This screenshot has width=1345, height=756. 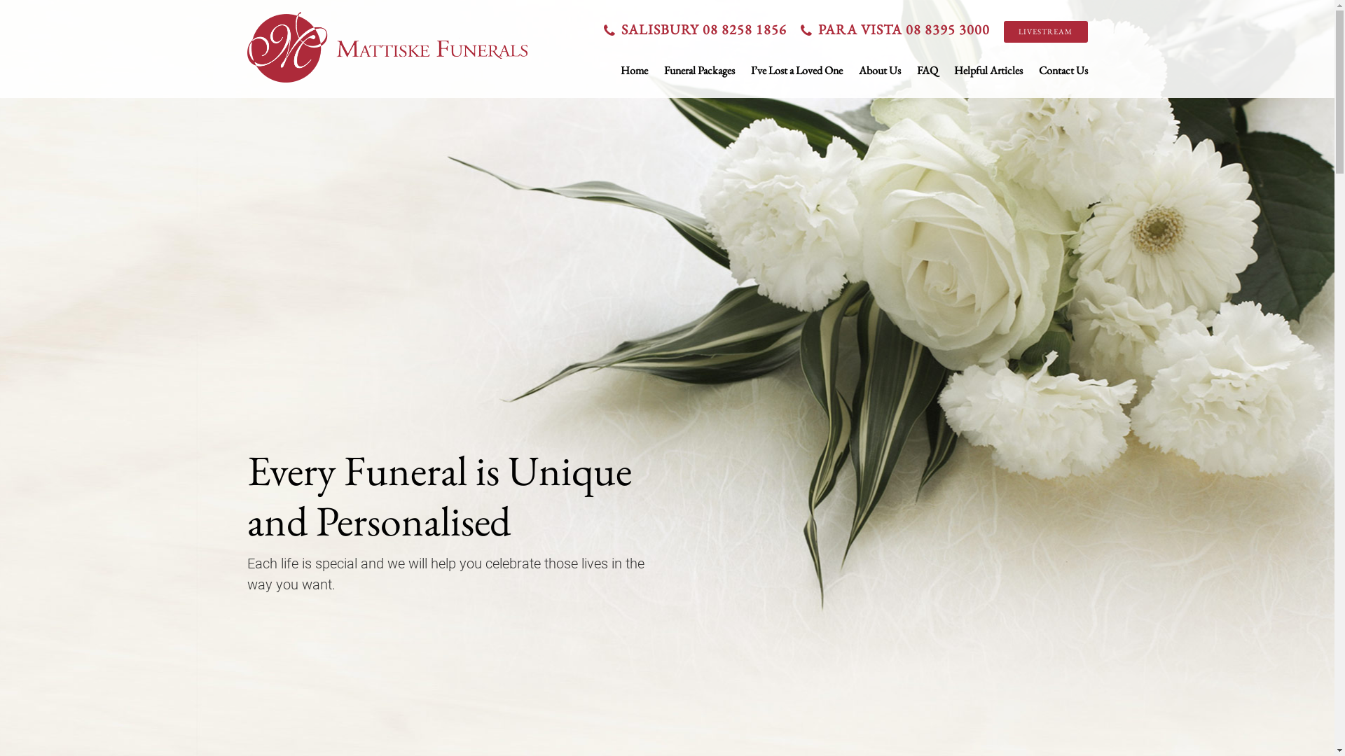 I want to click on 'LIVESTREAM', so click(x=1045, y=31).